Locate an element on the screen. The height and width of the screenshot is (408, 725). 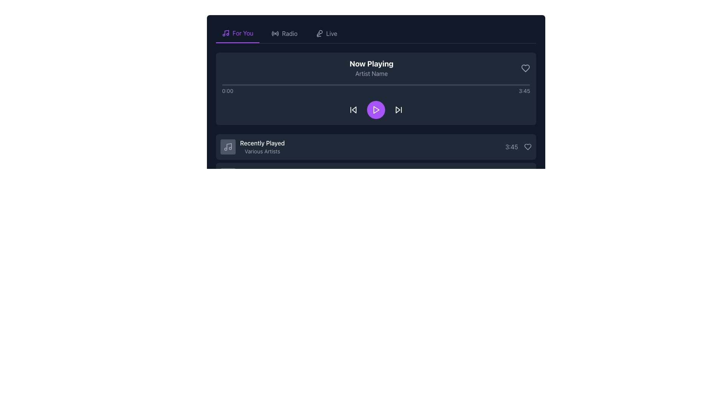
the 'For You' option in the horizontal navigation bar is located at coordinates (376, 33).